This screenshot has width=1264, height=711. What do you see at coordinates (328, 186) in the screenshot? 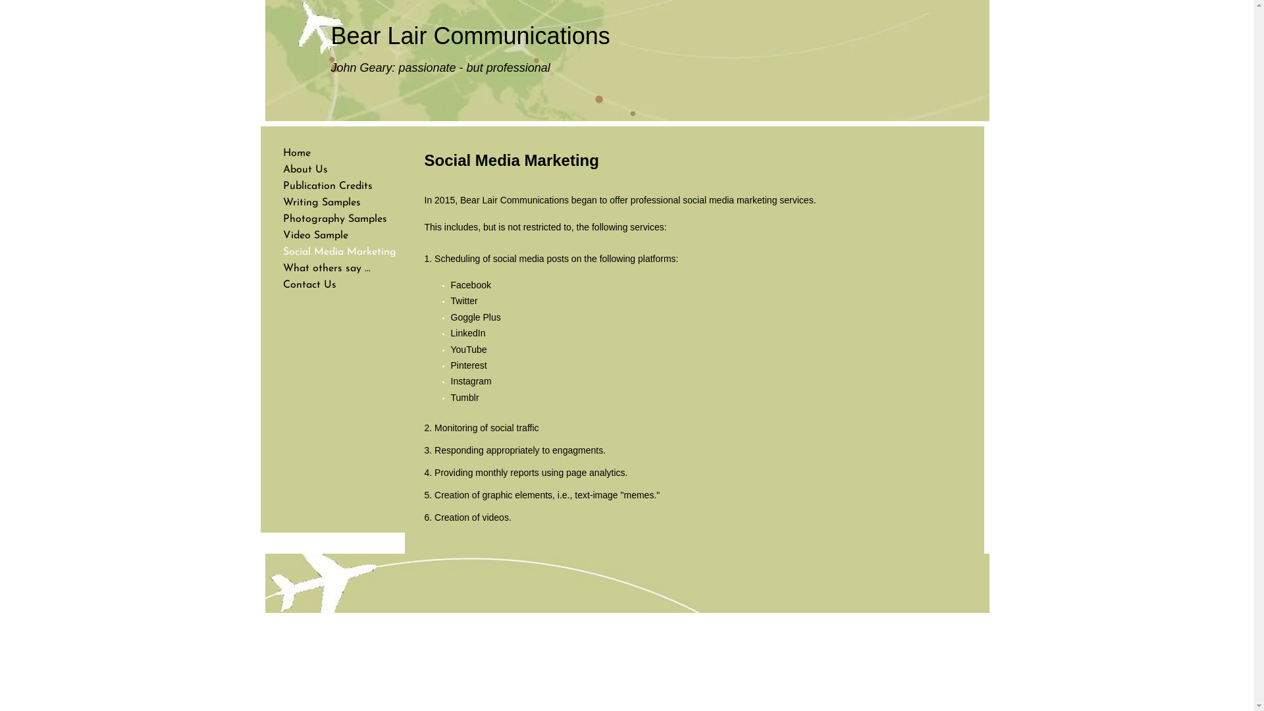
I see `'Publication Credits'` at bounding box center [328, 186].